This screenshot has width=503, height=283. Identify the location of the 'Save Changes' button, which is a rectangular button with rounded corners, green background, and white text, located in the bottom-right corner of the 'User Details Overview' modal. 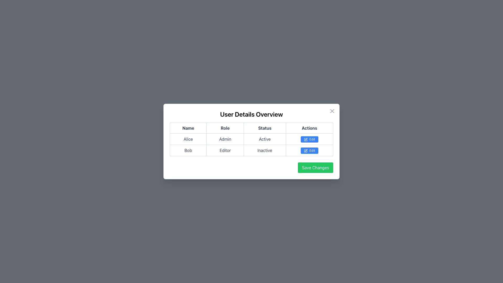
(315, 168).